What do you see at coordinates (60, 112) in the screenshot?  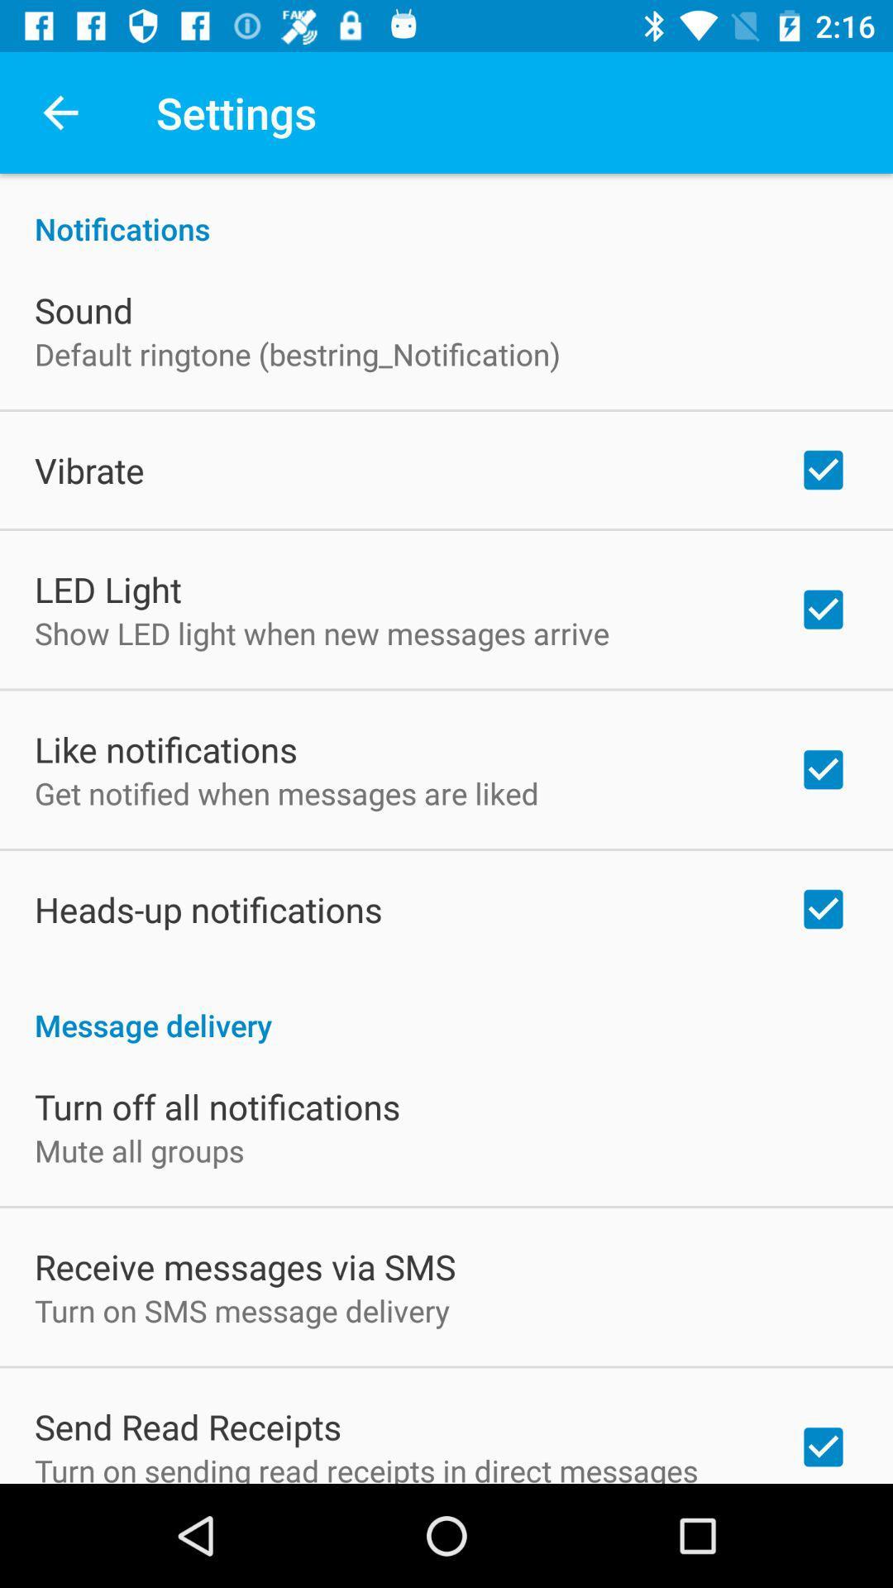 I see `the icon to the left of the settings icon` at bounding box center [60, 112].